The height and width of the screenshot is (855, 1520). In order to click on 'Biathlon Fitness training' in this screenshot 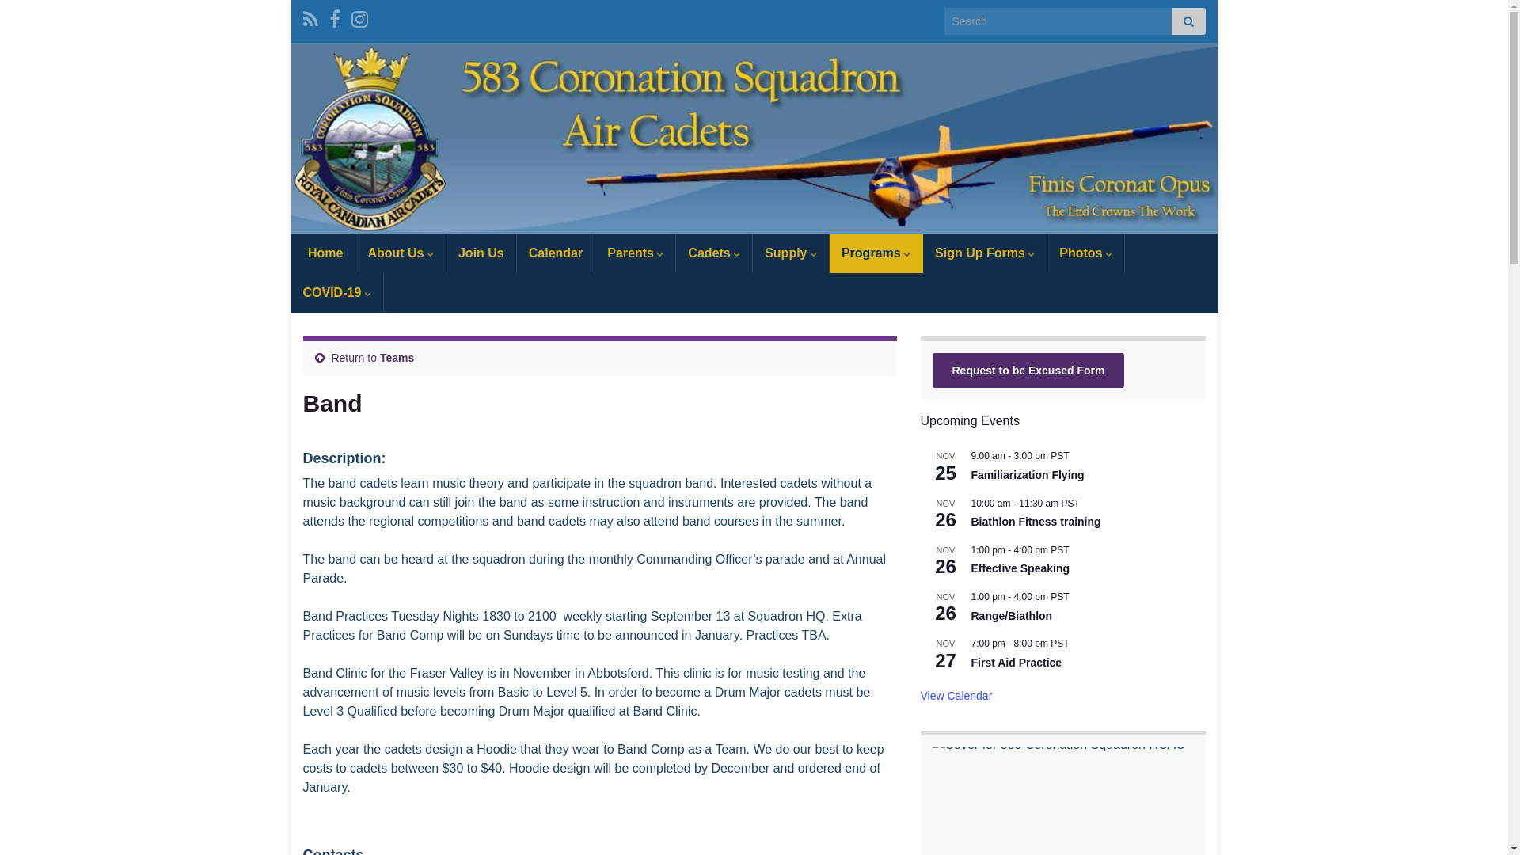, I will do `click(1035, 522)`.